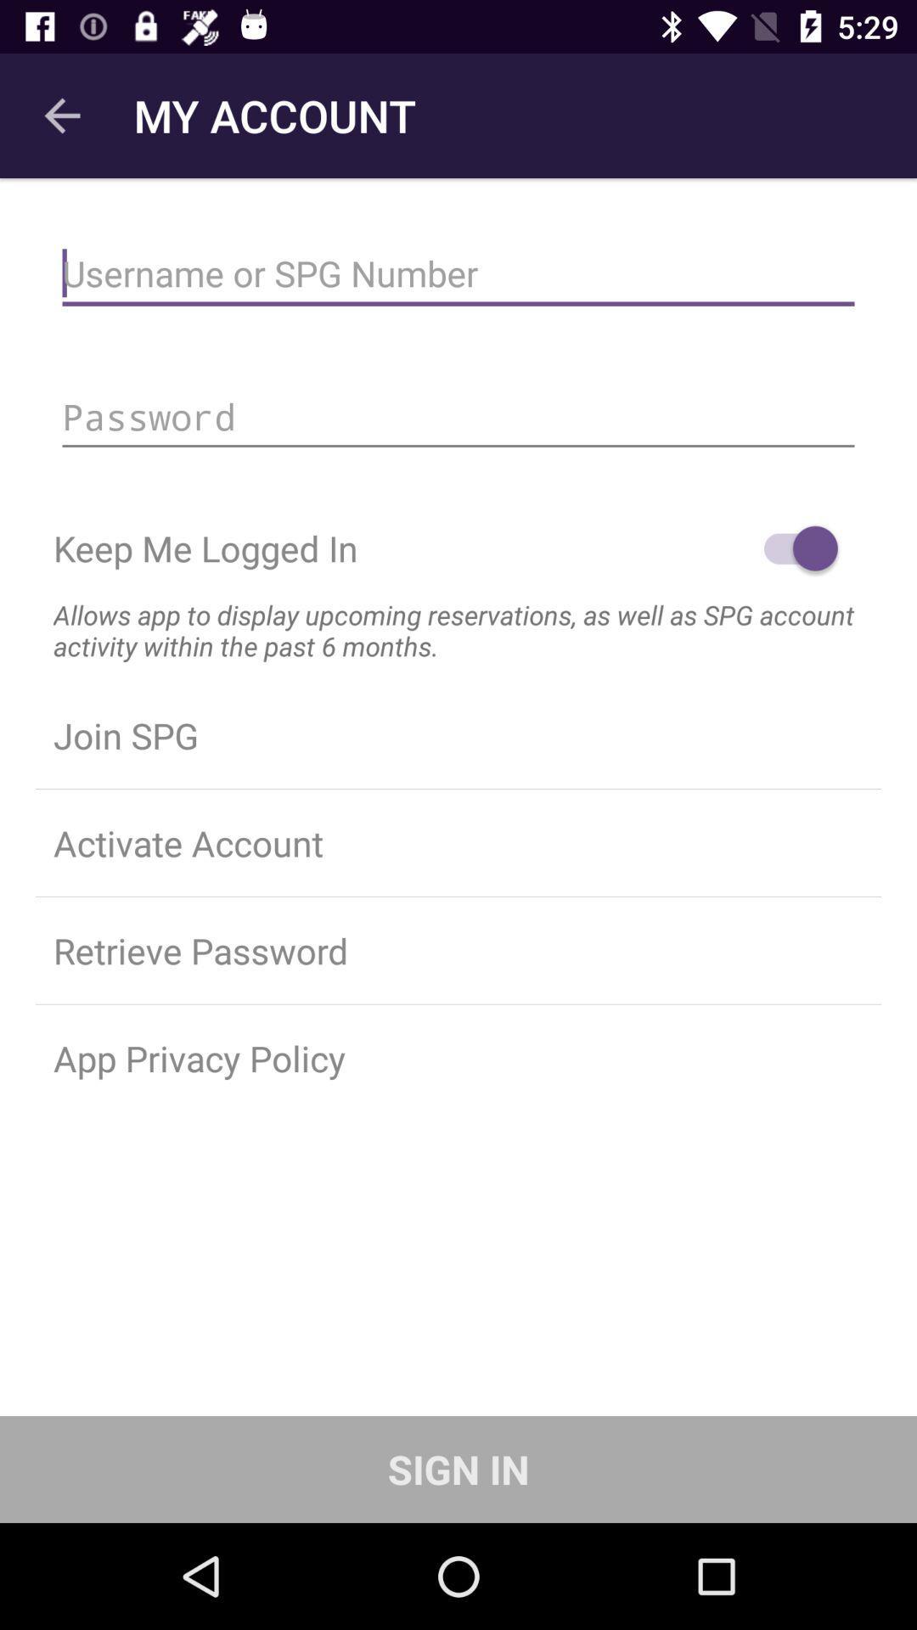  I want to click on login option, so click(792, 548).